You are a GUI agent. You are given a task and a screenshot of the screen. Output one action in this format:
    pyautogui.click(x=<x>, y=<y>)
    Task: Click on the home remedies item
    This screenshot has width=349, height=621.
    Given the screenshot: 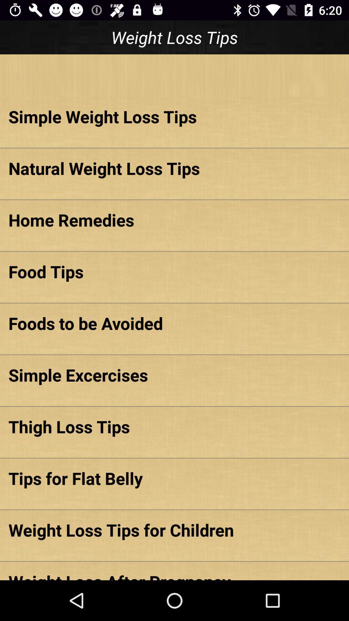 What is the action you would take?
    pyautogui.click(x=174, y=220)
    